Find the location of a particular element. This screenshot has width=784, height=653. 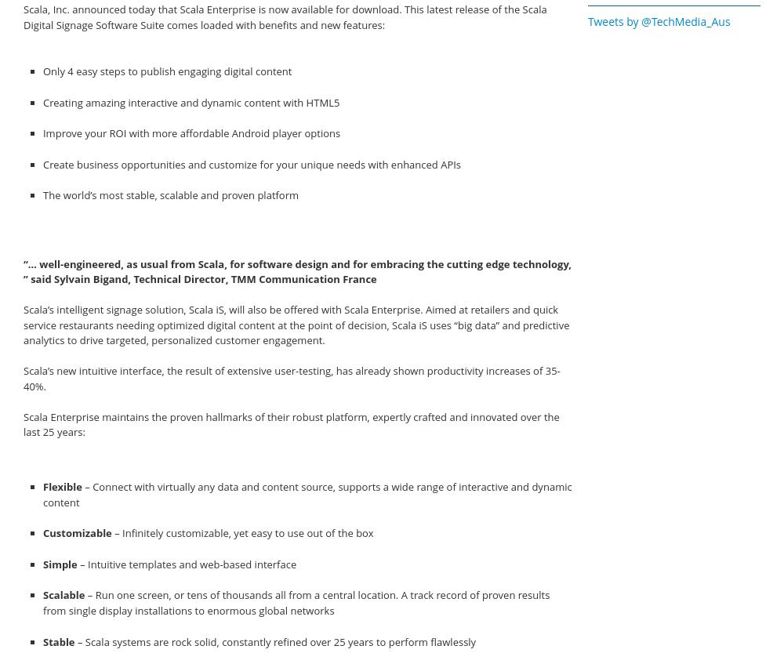

'Scalable' is located at coordinates (63, 595).